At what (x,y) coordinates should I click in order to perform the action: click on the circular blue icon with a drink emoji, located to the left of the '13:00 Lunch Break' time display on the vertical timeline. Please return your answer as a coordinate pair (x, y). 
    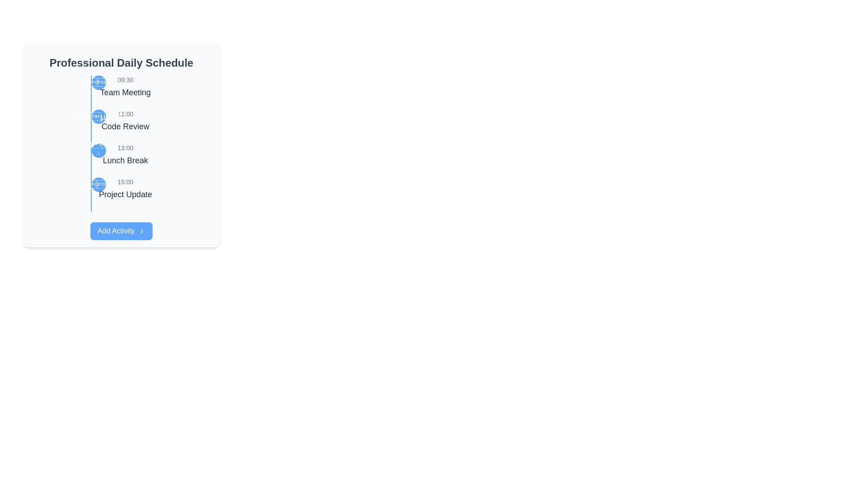
    Looking at the image, I should click on (98, 150).